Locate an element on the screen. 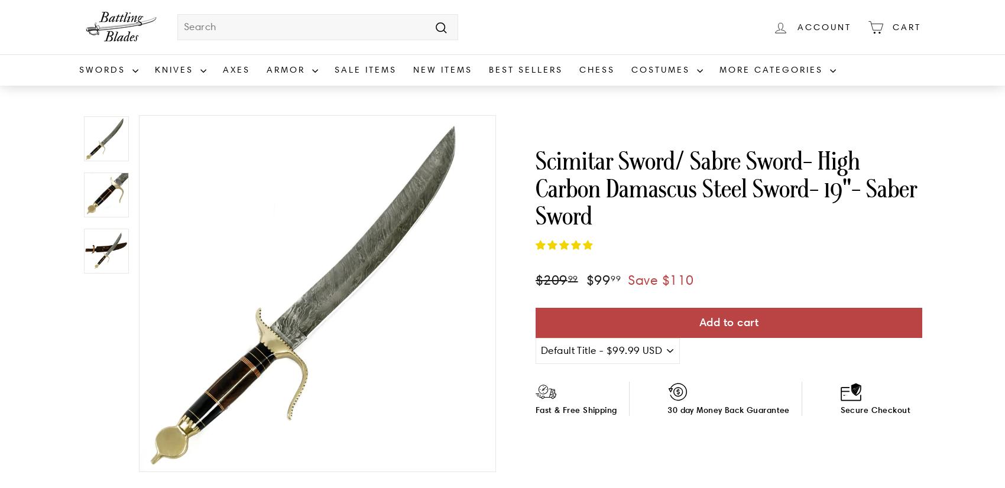  'Secure Checkout' is located at coordinates (874, 408).